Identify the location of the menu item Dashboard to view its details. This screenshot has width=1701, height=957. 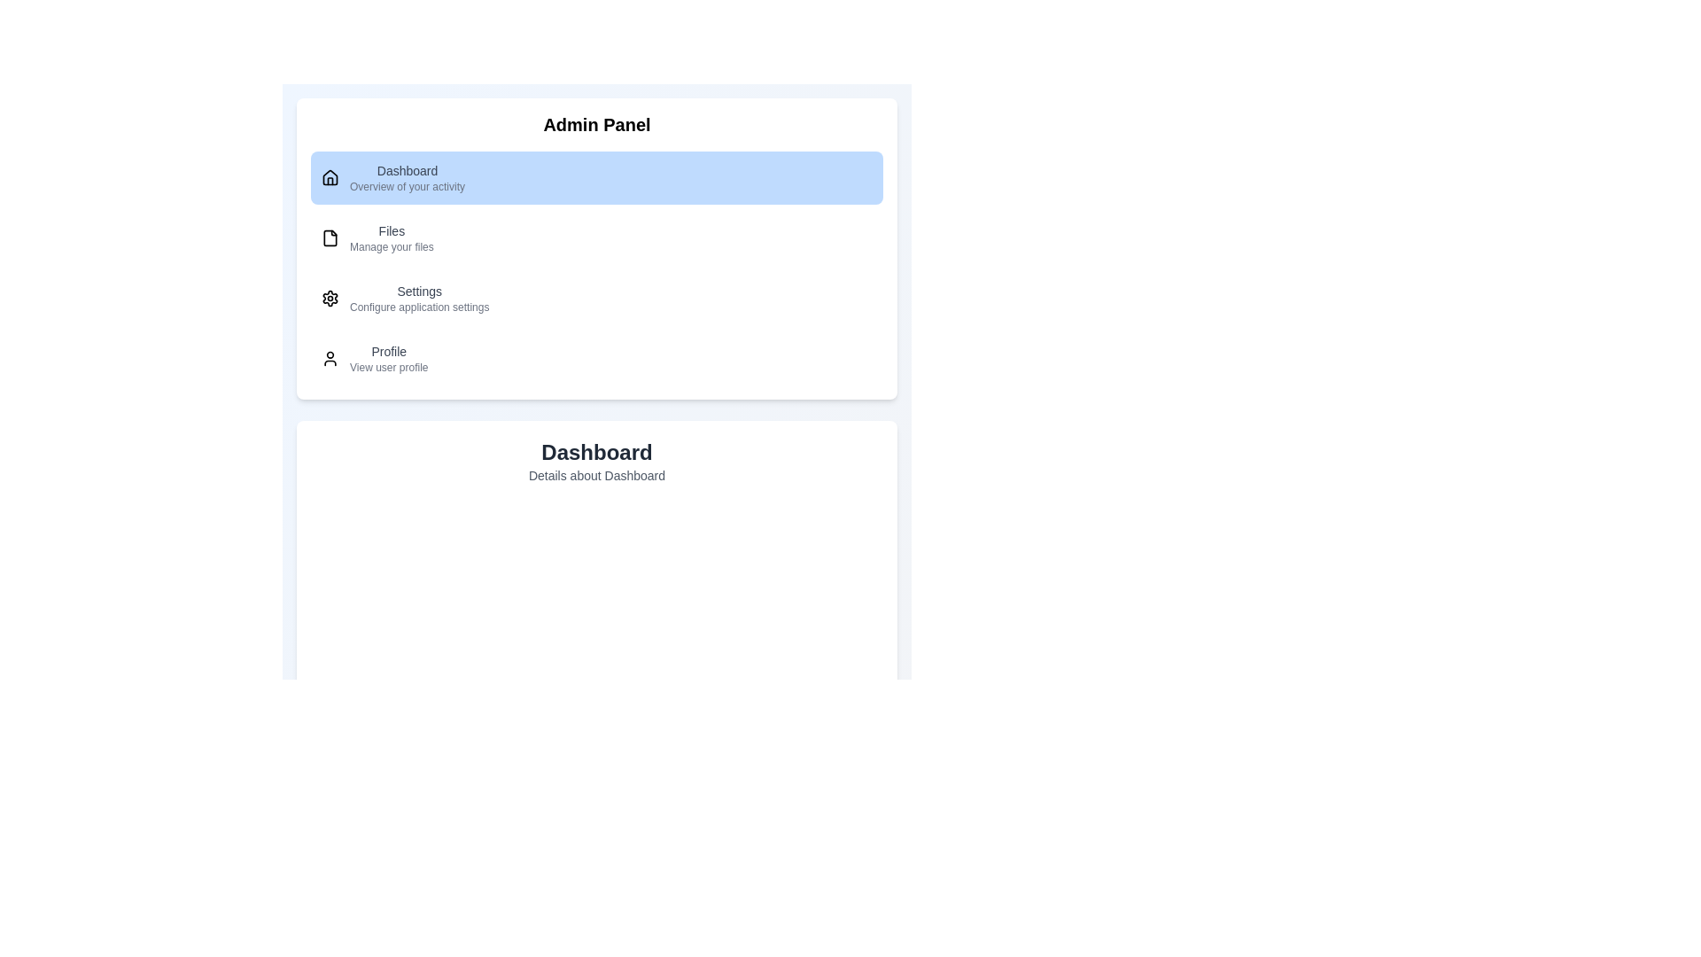
(596, 177).